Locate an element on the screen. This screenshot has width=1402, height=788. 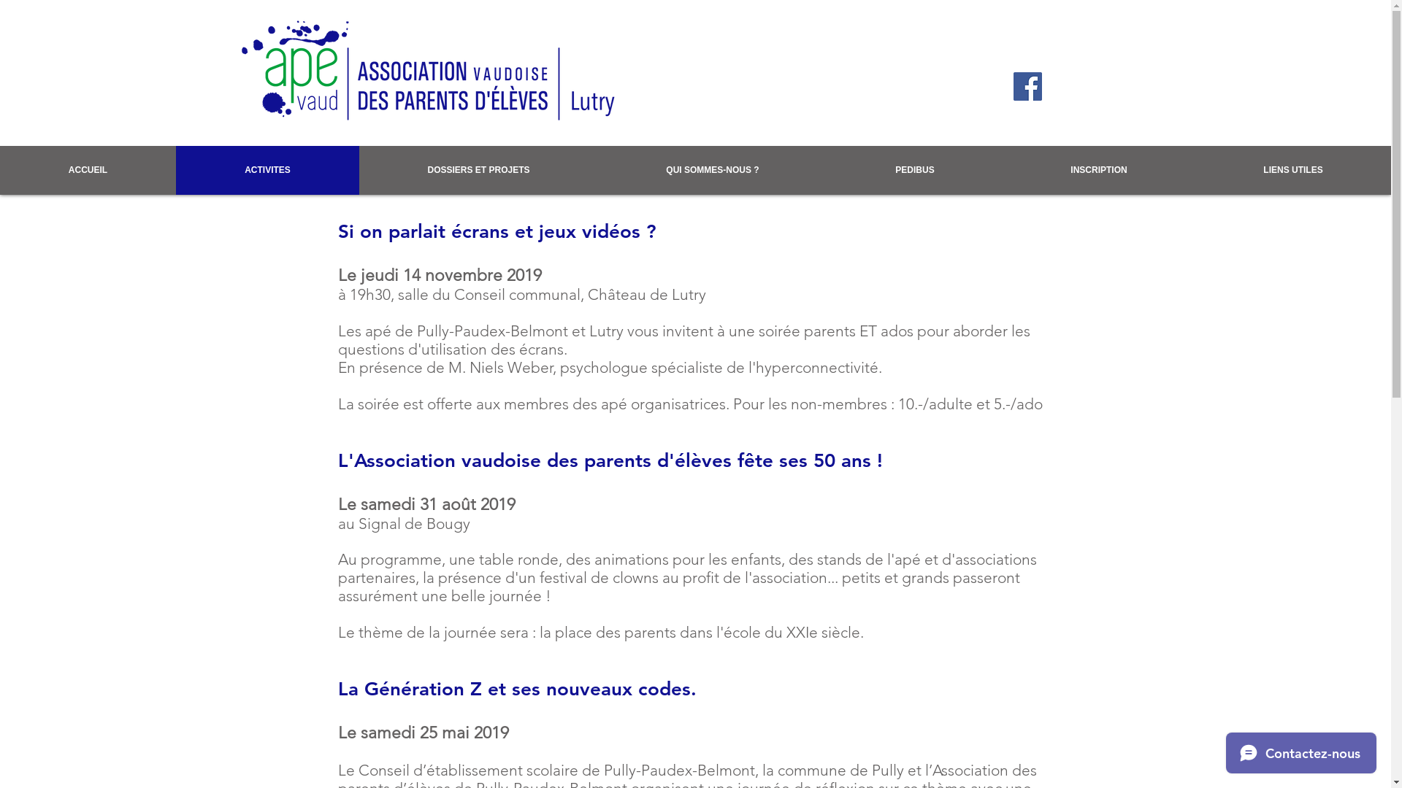
'QUI SOMMES-NOUS ?' is located at coordinates (712, 169).